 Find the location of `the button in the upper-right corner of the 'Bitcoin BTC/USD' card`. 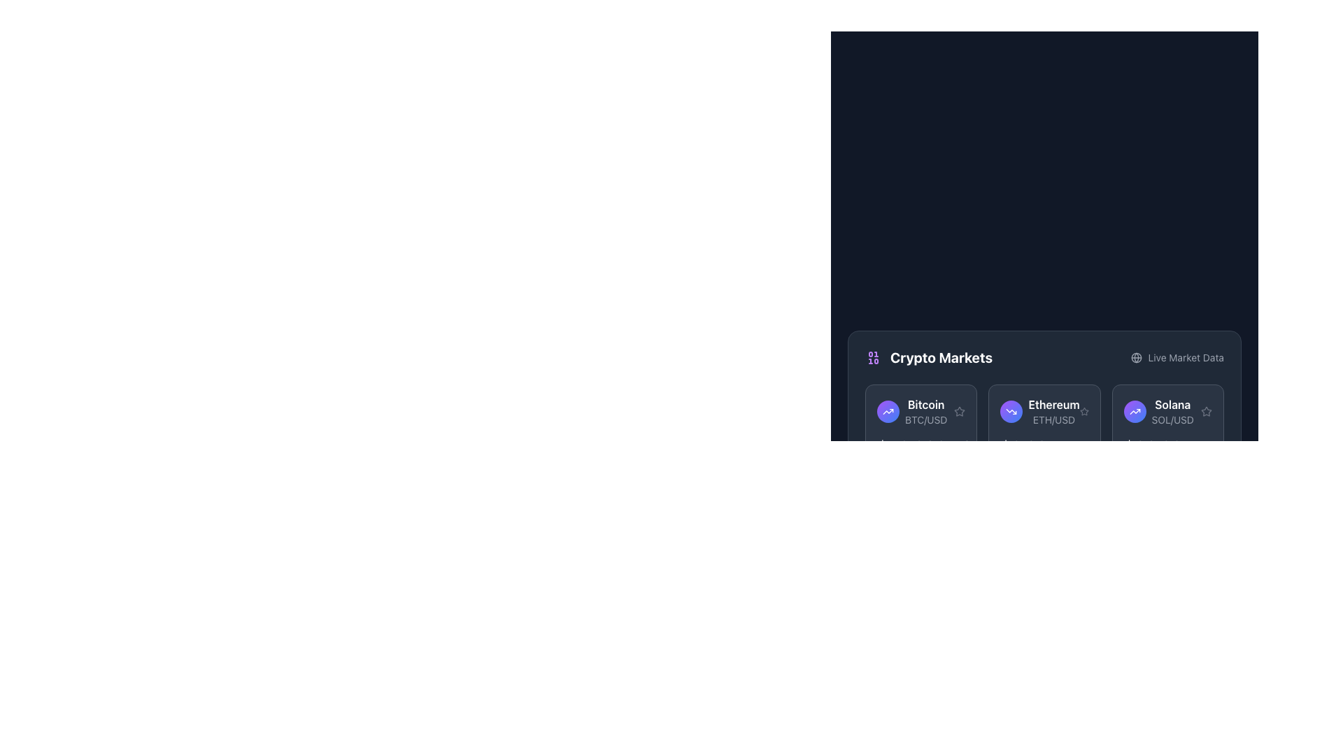

the button in the upper-right corner of the 'Bitcoin BTC/USD' card is located at coordinates (959, 410).